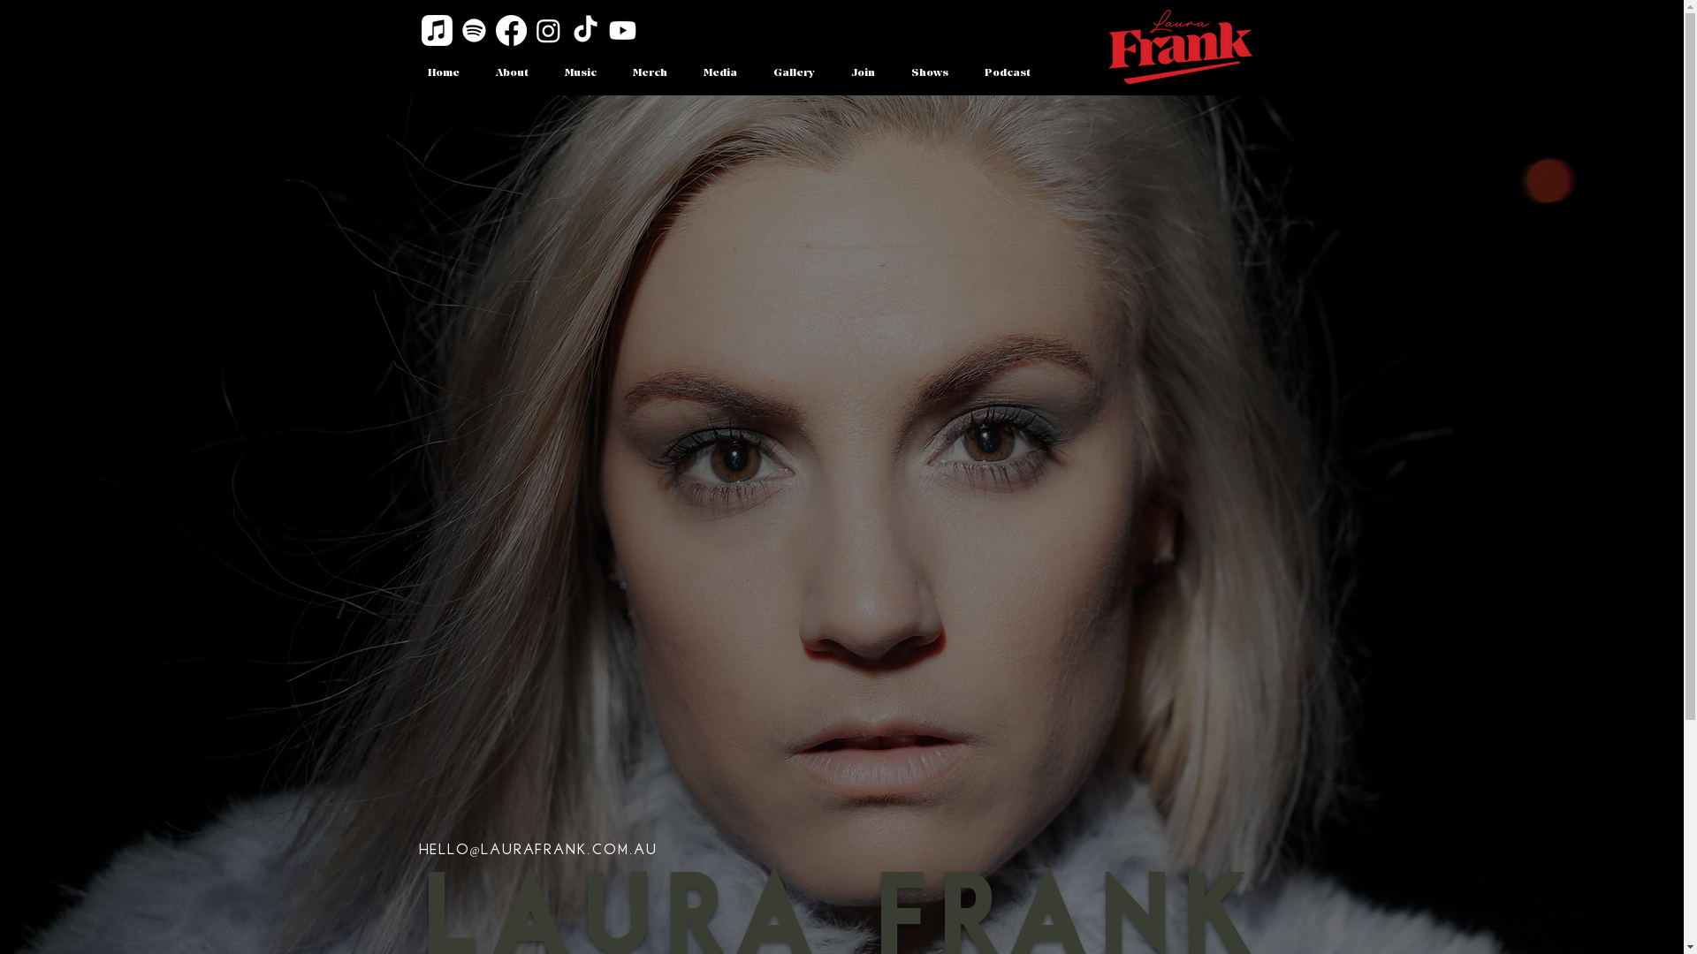 The width and height of the screenshot is (1697, 954). I want to click on 'Media', so click(720, 72).